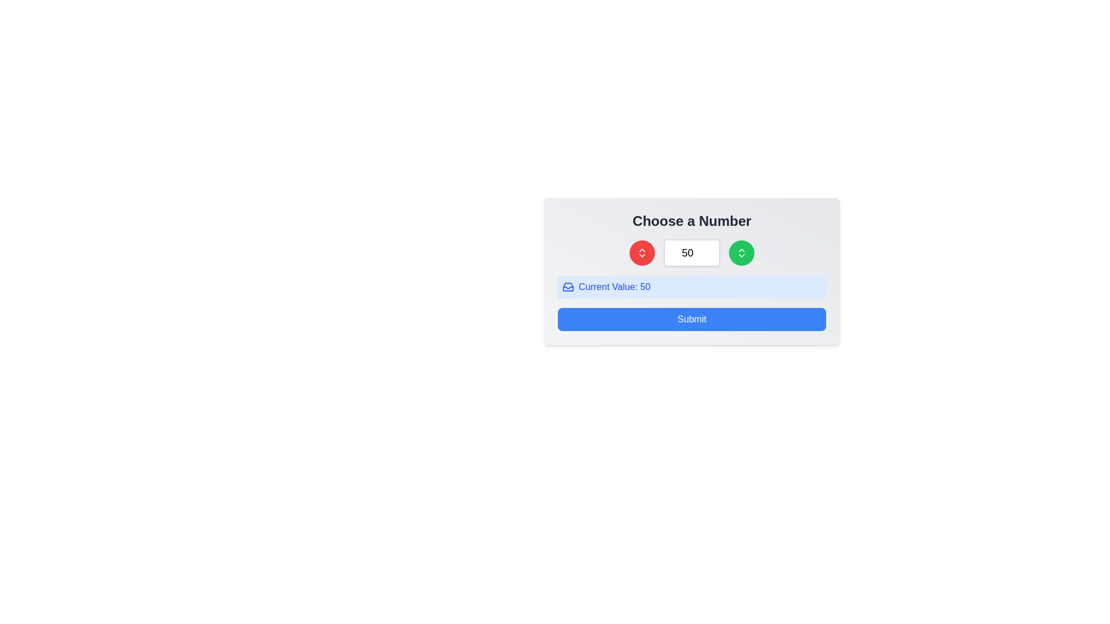 This screenshot has height=624, width=1110. What do you see at coordinates (741, 252) in the screenshot?
I see `on the circular green button with a white chevron icon located` at bounding box center [741, 252].